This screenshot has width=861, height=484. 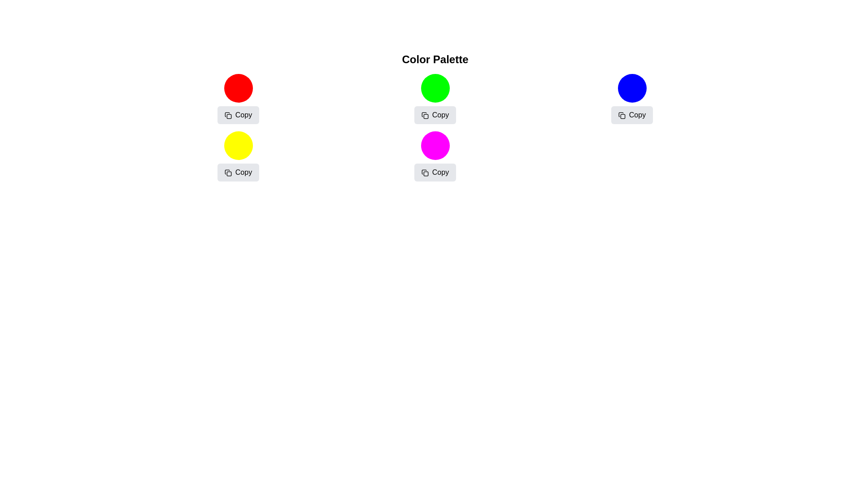 What do you see at coordinates (435, 145) in the screenshot?
I see `the magenta color swatch located in the color palette section, positioned in the second row between the top green circle and the bottom 'Copy' button` at bounding box center [435, 145].